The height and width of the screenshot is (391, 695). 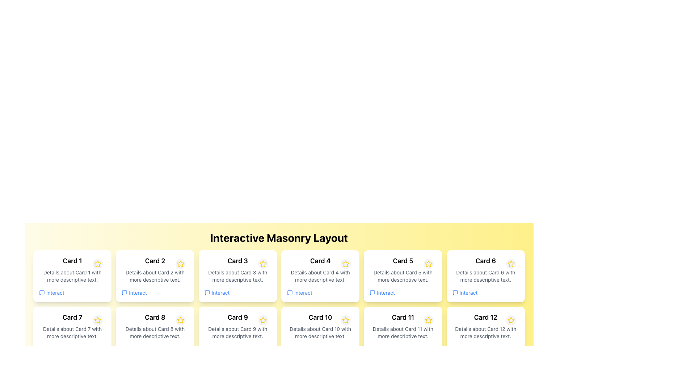 I want to click on the Text Link with Icon located at the bottom-left area of 'Card 1', so click(x=51, y=293).